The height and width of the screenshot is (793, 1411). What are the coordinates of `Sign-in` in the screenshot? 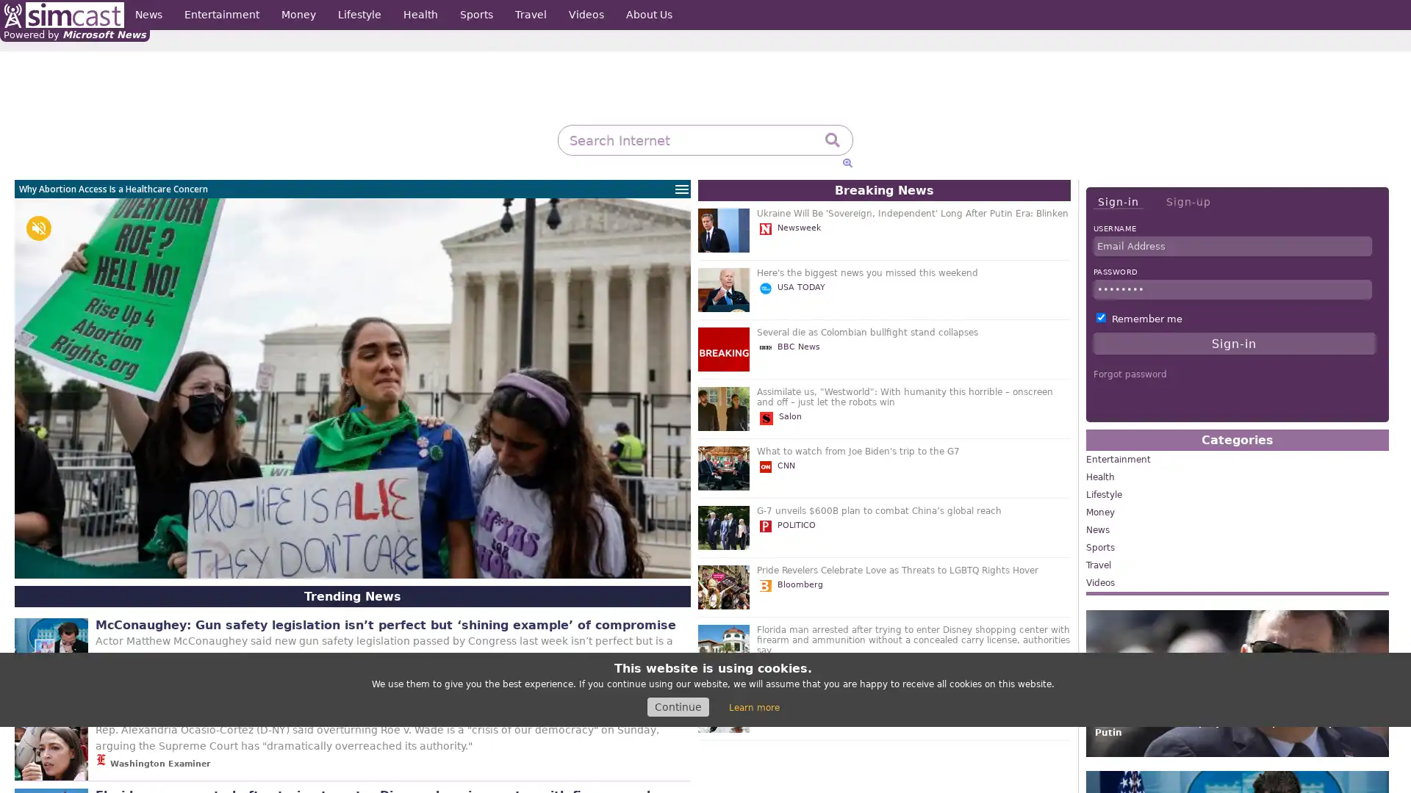 It's located at (1117, 202).